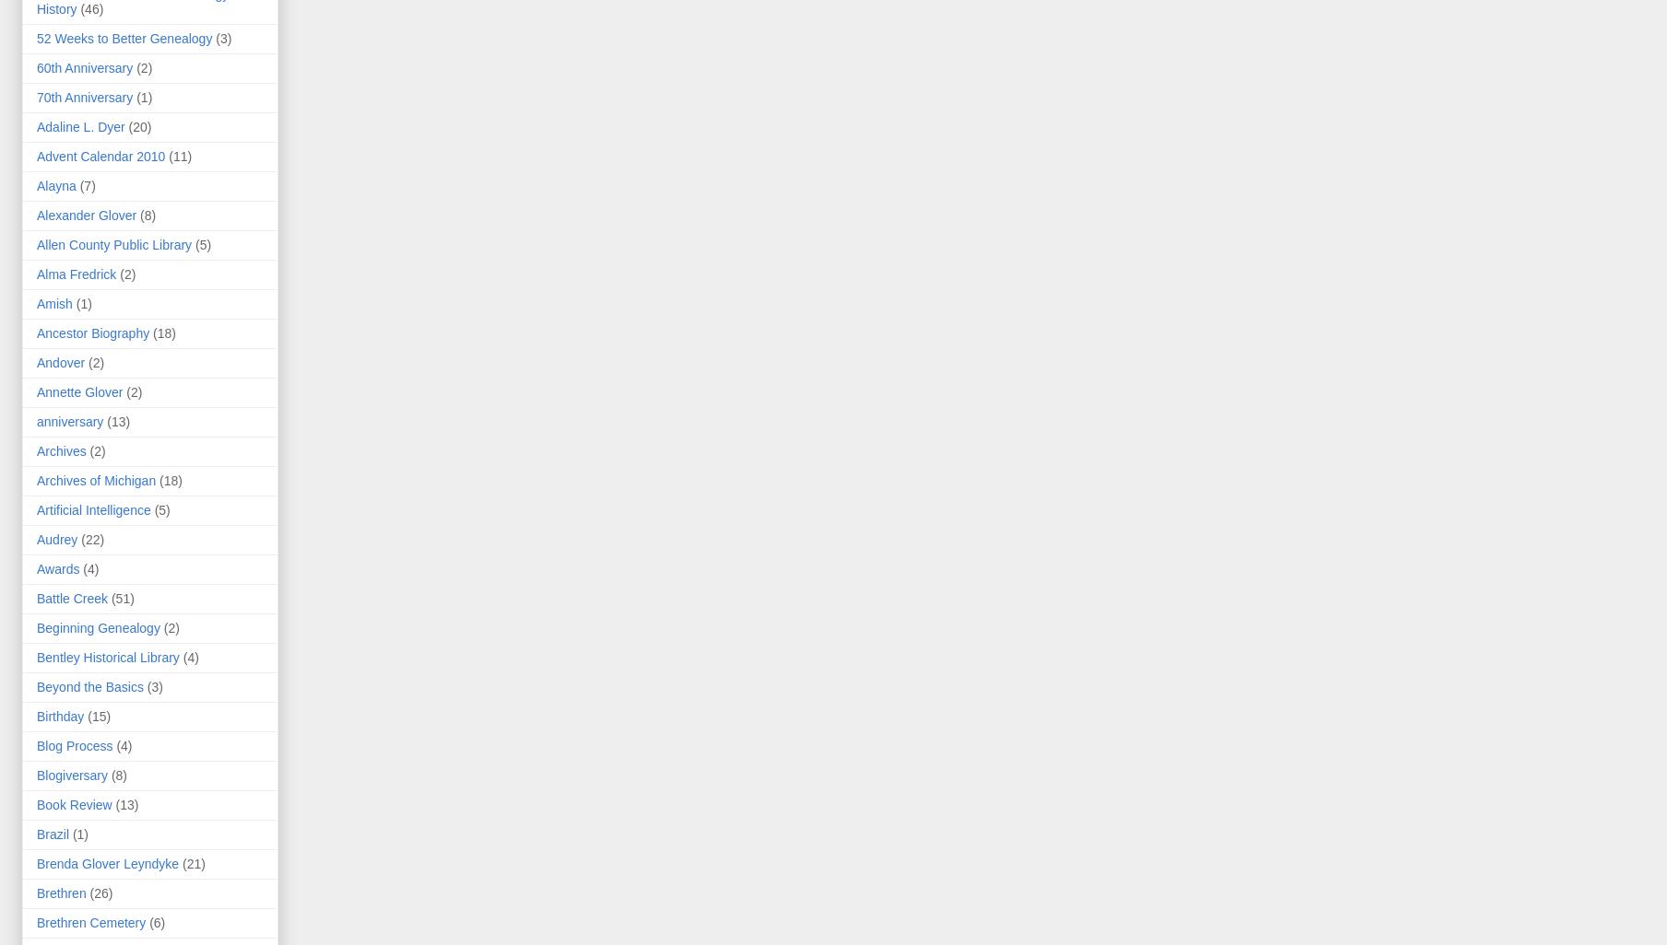 This screenshot has width=1667, height=945. Describe the element at coordinates (61, 450) in the screenshot. I see `'Archives'` at that location.